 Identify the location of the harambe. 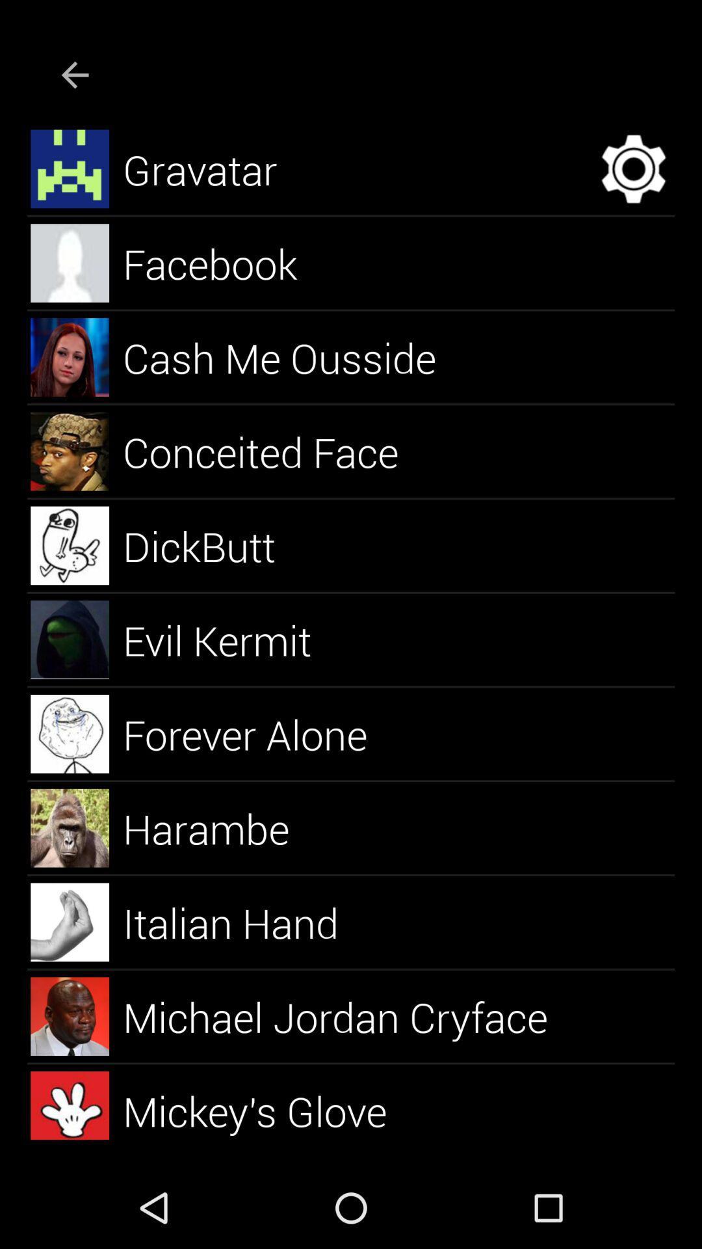
(220, 827).